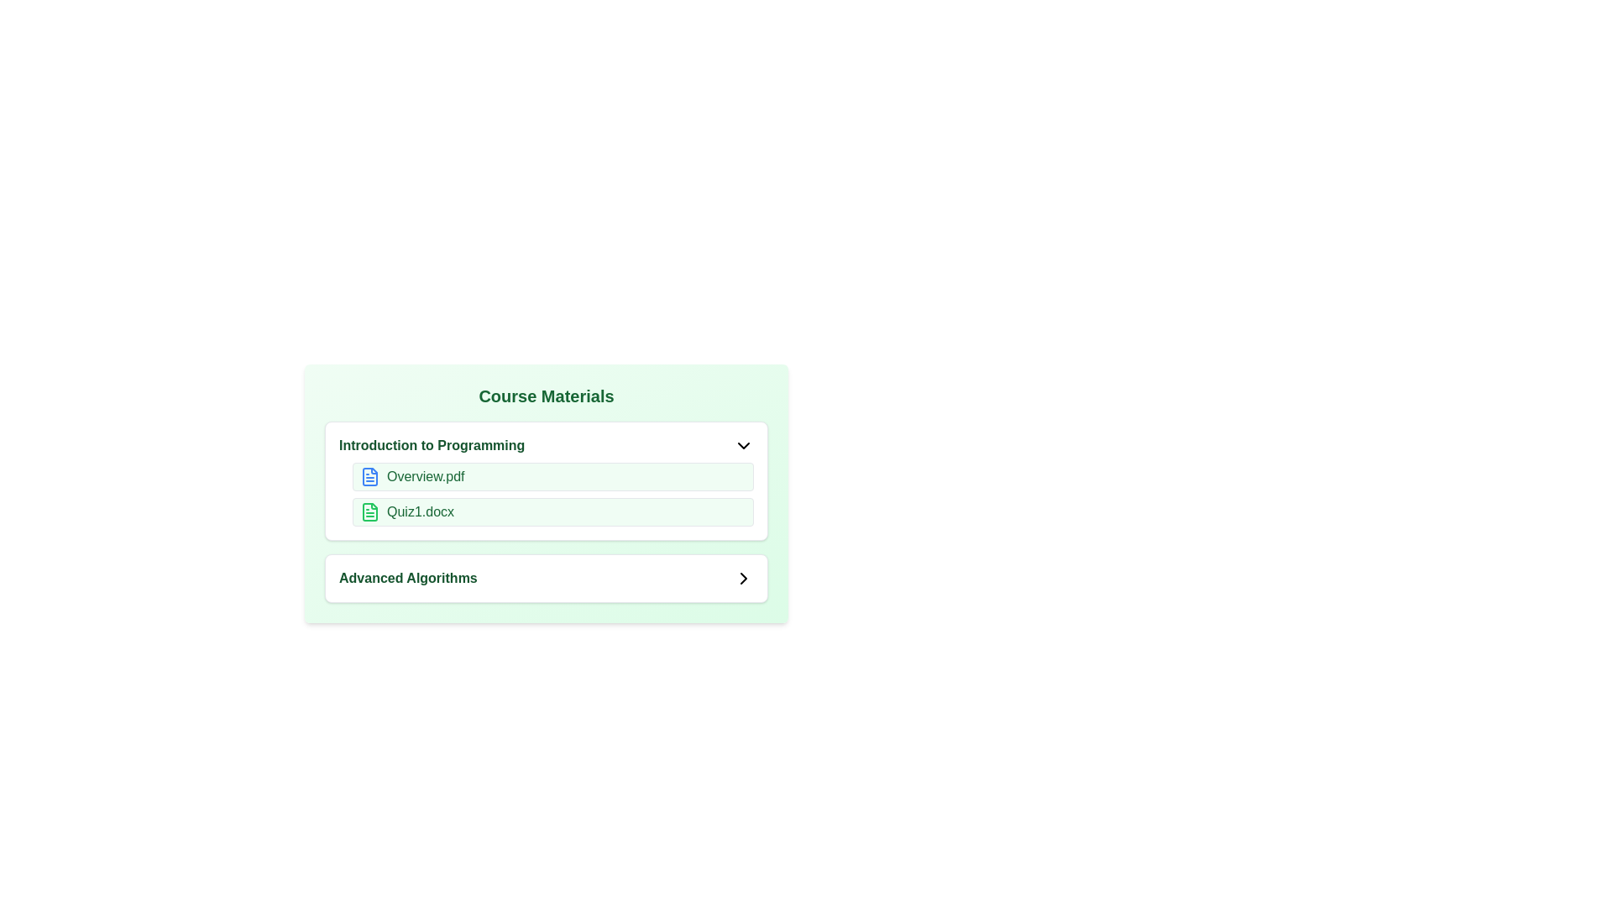  What do you see at coordinates (369, 511) in the screenshot?
I see `the material named Quiz1.docx to open it` at bounding box center [369, 511].